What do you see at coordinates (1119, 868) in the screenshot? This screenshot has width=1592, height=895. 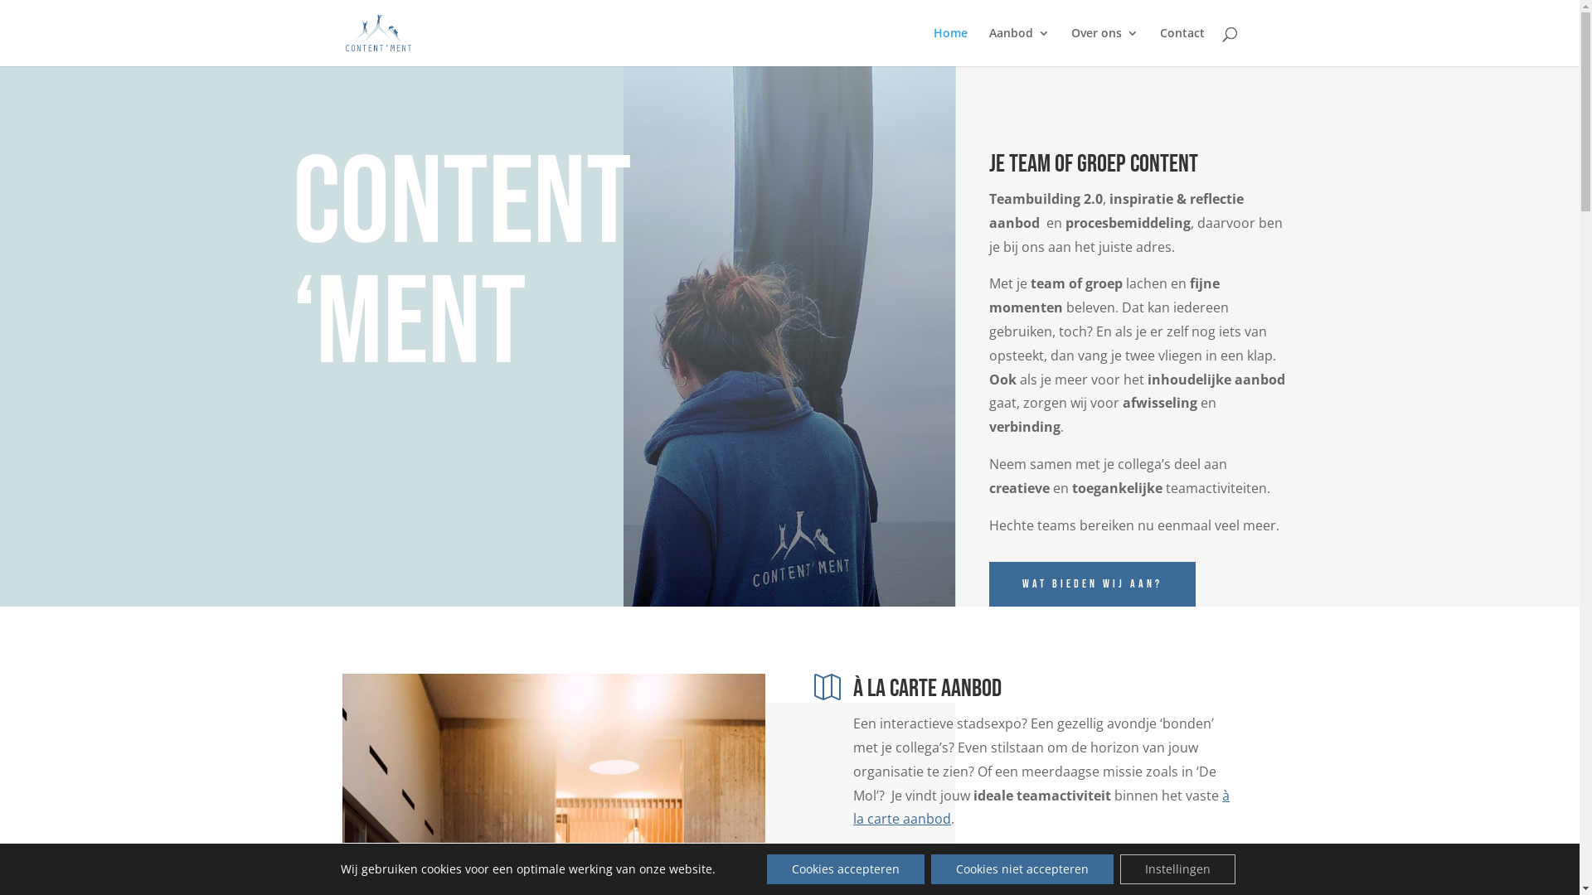 I see `'Instellingen'` at bounding box center [1119, 868].